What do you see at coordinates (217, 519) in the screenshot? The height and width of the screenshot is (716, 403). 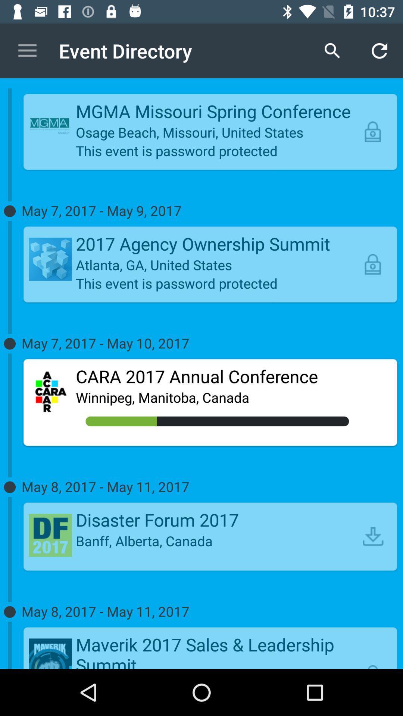 I see `the disaster forum 2017 item` at bounding box center [217, 519].